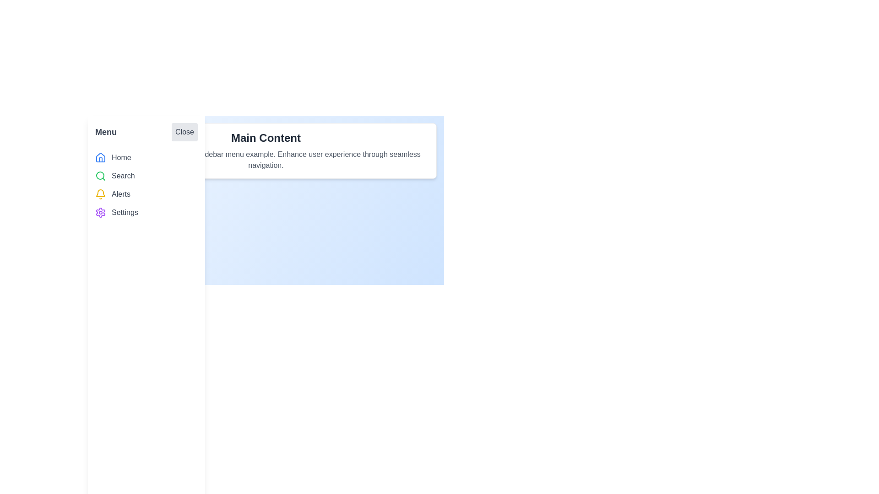 The width and height of the screenshot is (879, 494). I want to click on the 'Alerts' text label in the navigation menu, so click(120, 193).